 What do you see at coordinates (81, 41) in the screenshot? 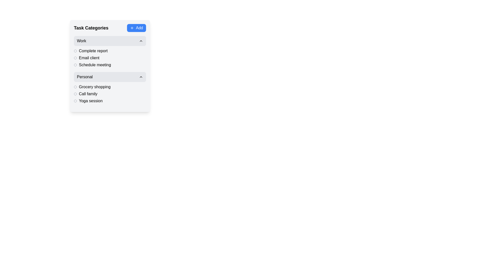
I see `the text label that reads 'Work', which is styled in a standard font and situated within a light gray section with rounded corners, serving as a header for a task category` at bounding box center [81, 41].